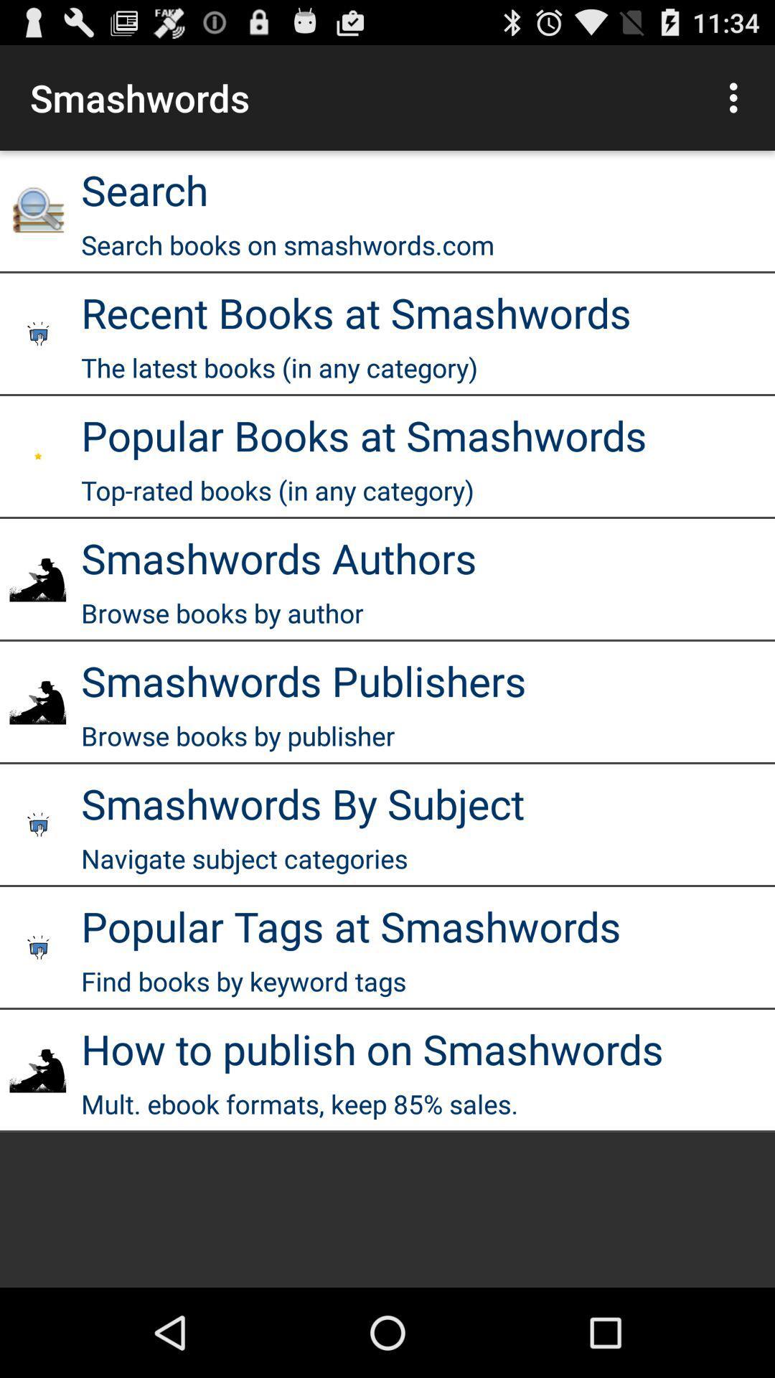 This screenshot has width=775, height=1378. What do you see at coordinates (243, 858) in the screenshot?
I see `icon above the popular tags at icon` at bounding box center [243, 858].